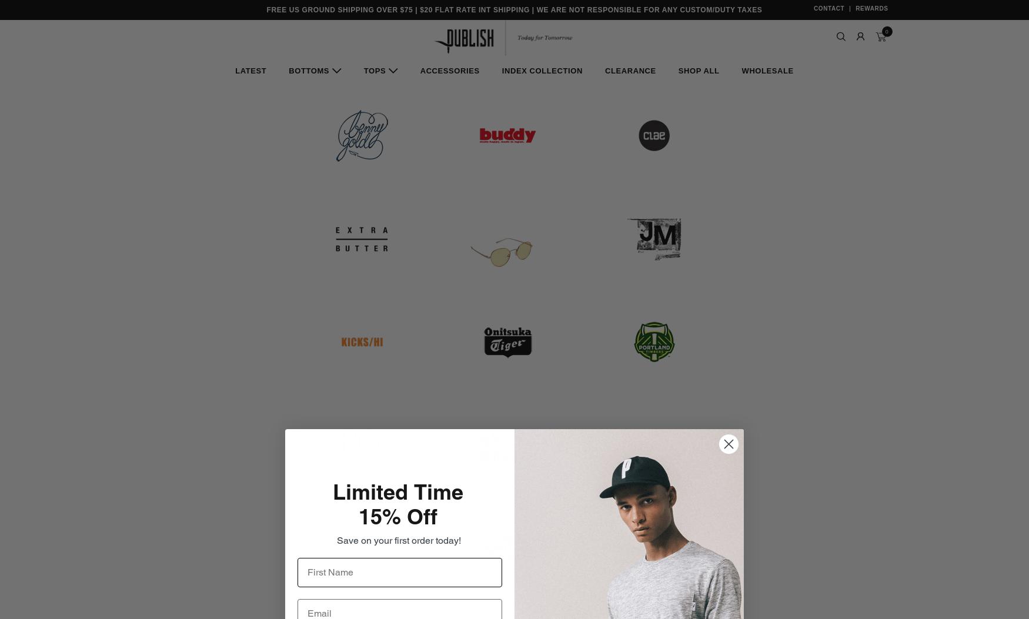  What do you see at coordinates (746, 213) in the screenshot?
I see `'Outerwear'` at bounding box center [746, 213].